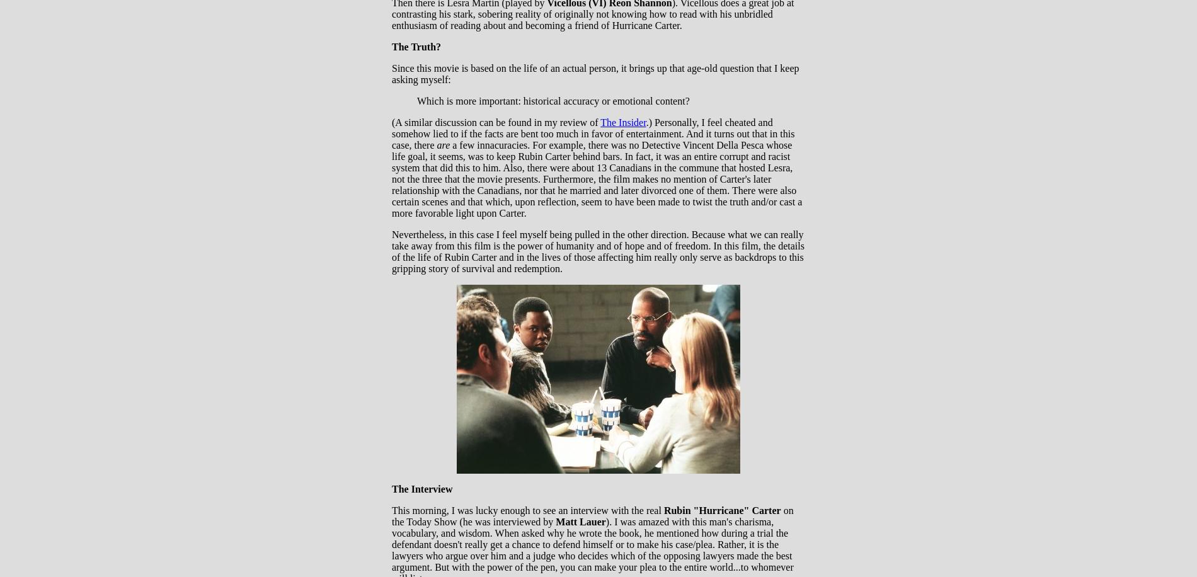 The width and height of the screenshot is (1197, 577). Describe the element at coordinates (595, 74) in the screenshot. I see `'Since this movie is based on the life of an actual person, it brings up that age-old question that I keep asking myself:'` at that location.